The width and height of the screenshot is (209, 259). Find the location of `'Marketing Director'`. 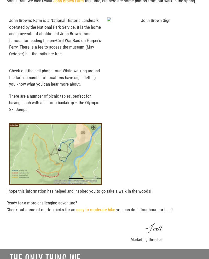

'Marketing Director' is located at coordinates (146, 239).